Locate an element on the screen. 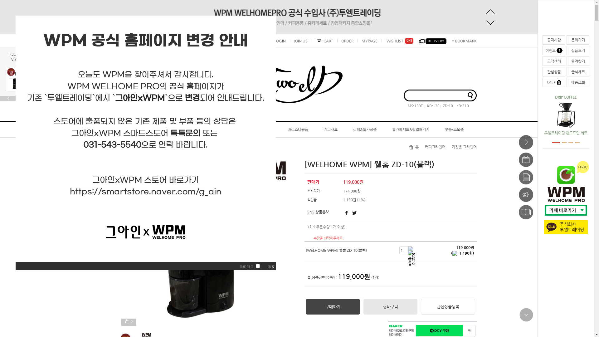 The height and width of the screenshot is (337, 599). 'SALE' is located at coordinates (554, 82).